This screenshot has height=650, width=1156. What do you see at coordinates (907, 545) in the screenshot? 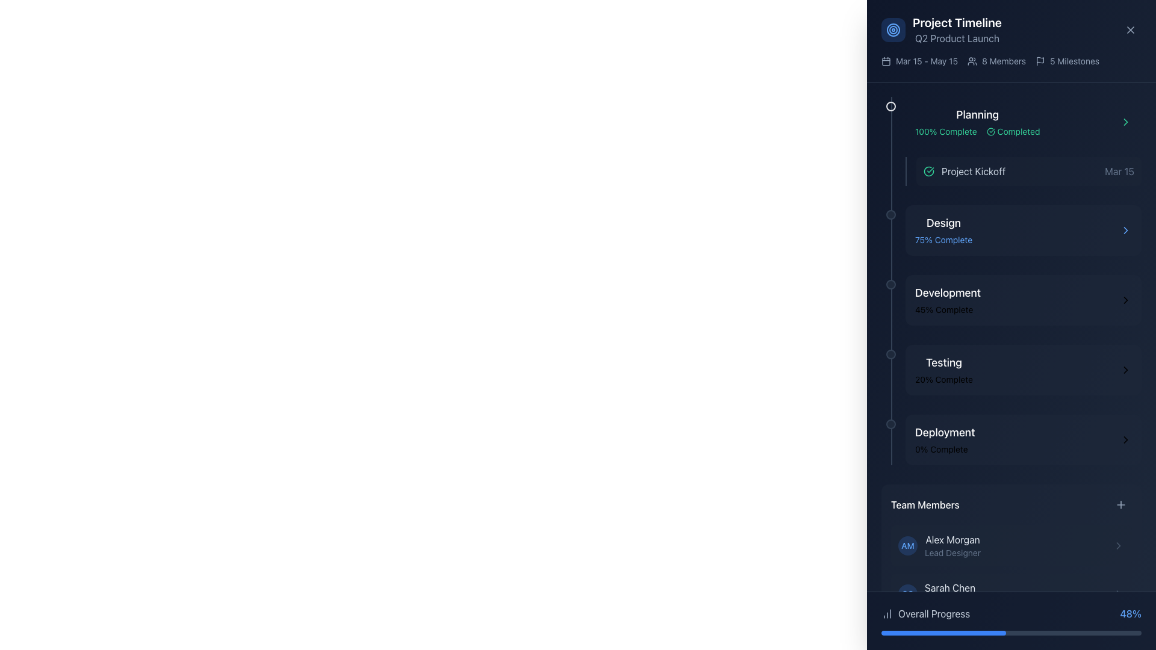
I see `the circular Avatar or Visual Identifier that displays the initials 'AM' in a semi-transparent blue background, located in the 'Team Members' list next to 'Alex Morgan'` at bounding box center [907, 545].